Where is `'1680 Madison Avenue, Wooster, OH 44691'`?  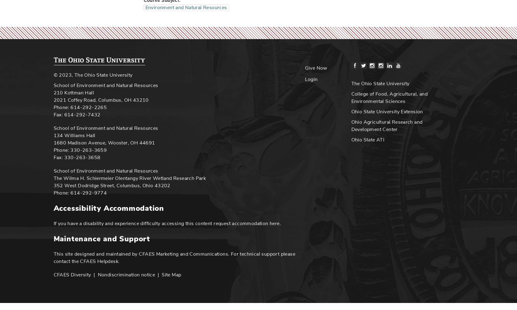 '1680 Madison Avenue, Wooster, OH 44691' is located at coordinates (104, 142).